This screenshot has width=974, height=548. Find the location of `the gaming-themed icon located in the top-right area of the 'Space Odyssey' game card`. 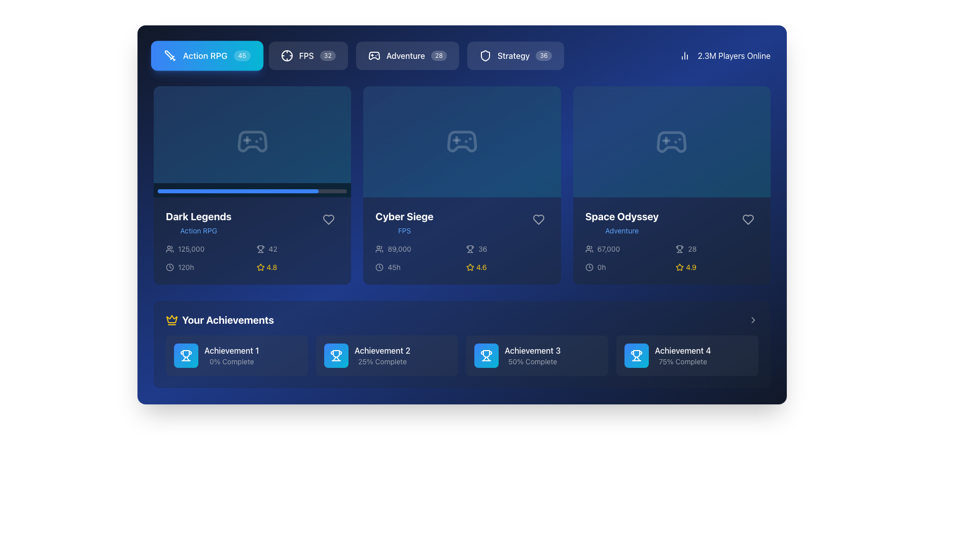

the gaming-themed icon located in the top-right area of the 'Space Odyssey' game card is located at coordinates (672, 142).